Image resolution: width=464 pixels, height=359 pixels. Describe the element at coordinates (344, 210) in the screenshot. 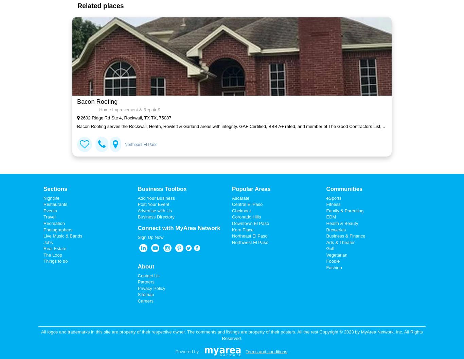

I see `'Family & Parenting'` at that location.